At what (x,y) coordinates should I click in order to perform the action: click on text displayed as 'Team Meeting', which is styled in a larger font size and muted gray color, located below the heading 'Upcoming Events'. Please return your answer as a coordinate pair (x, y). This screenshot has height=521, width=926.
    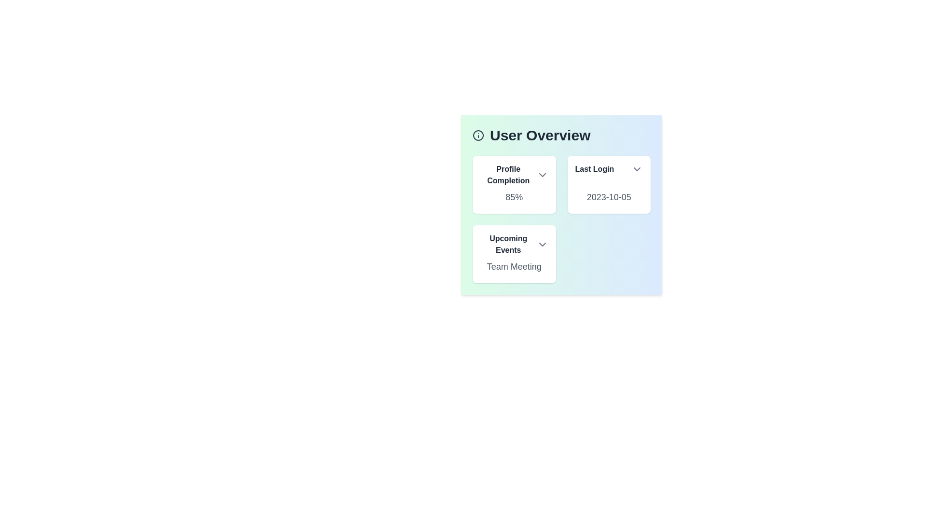
    Looking at the image, I should click on (514, 266).